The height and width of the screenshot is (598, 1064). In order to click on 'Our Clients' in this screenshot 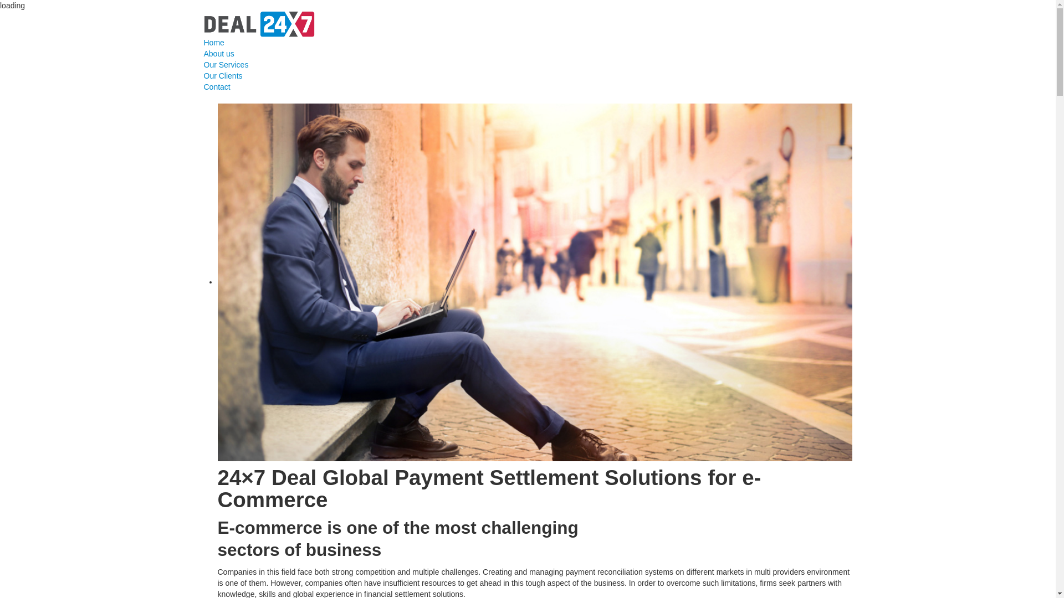, I will do `click(204, 75)`.